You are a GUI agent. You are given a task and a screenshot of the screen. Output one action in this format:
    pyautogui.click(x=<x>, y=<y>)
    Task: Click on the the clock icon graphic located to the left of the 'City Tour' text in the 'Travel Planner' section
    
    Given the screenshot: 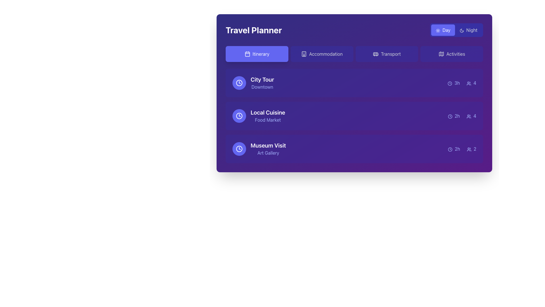 What is the action you would take?
    pyautogui.click(x=239, y=83)
    